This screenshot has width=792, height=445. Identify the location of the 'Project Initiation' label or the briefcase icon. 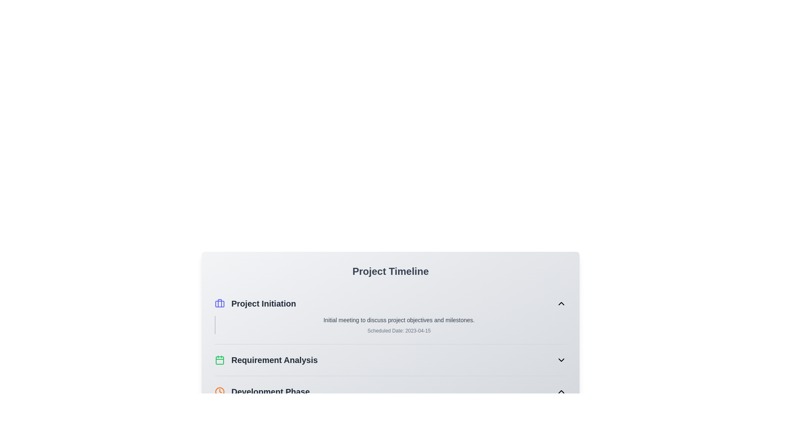
(255, 303).